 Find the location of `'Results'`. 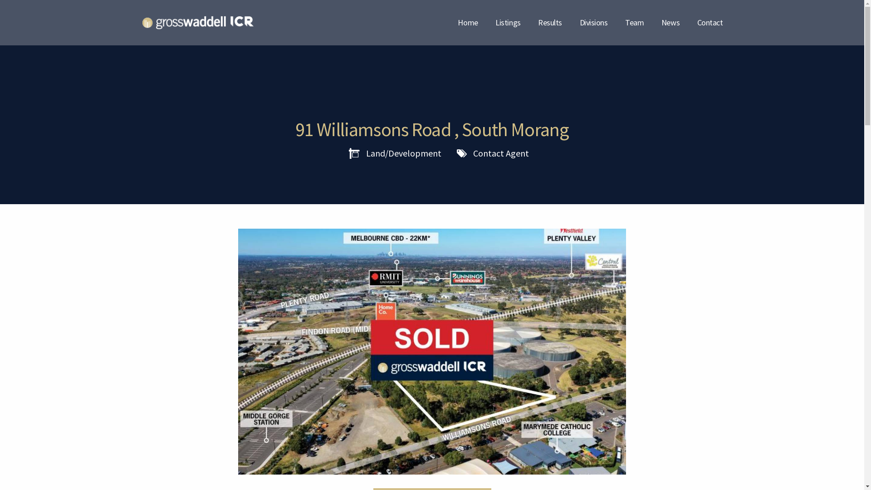

'Results' is located at coordinates (538, 22).